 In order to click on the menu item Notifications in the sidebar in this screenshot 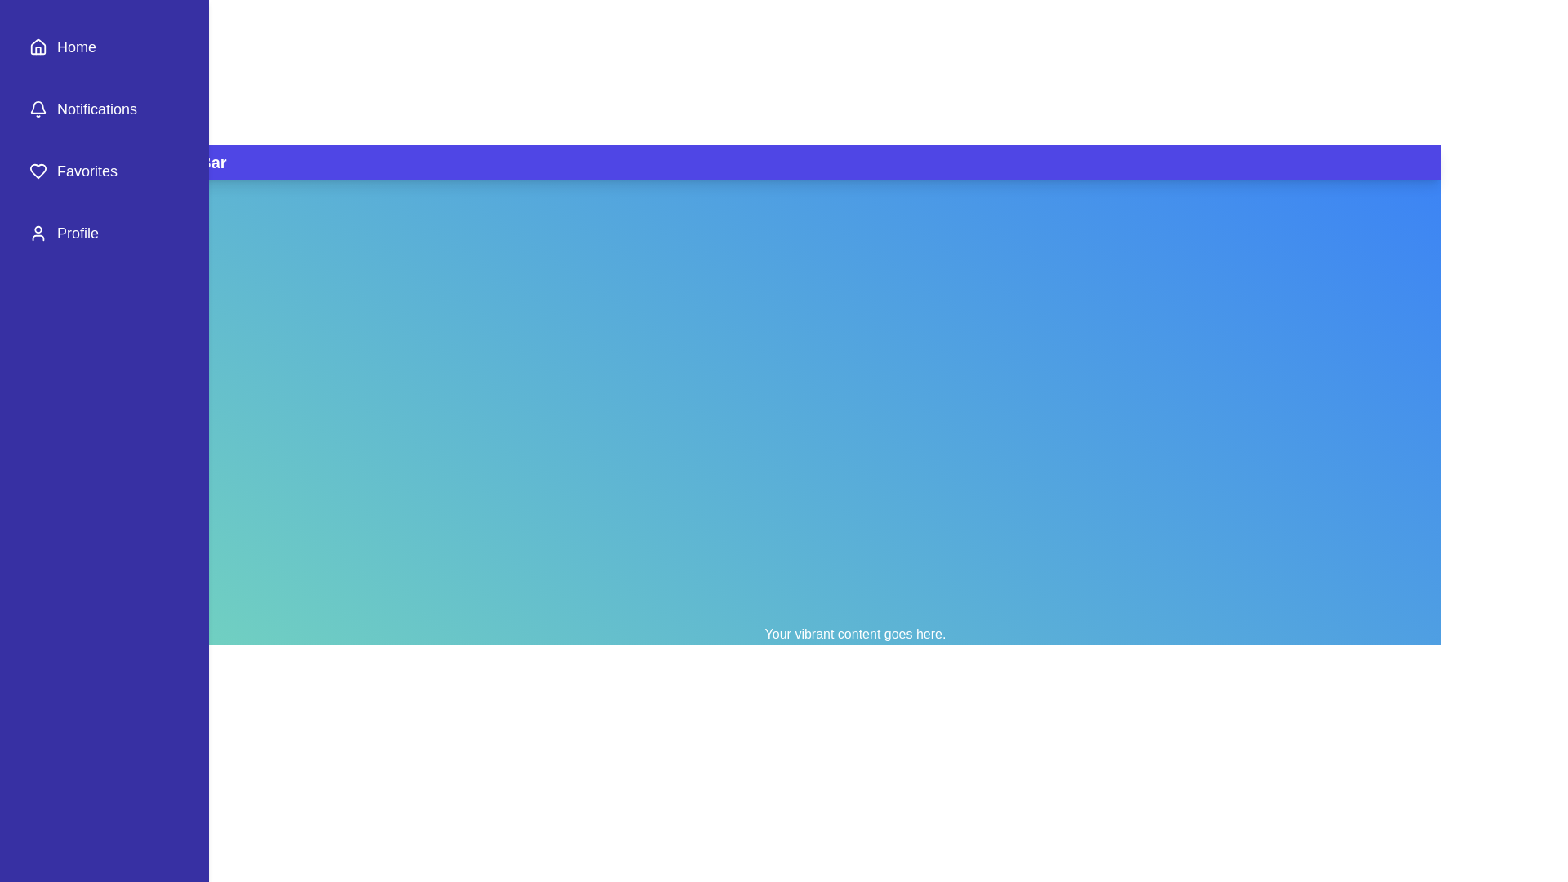, I will do `click(104, 109)`.